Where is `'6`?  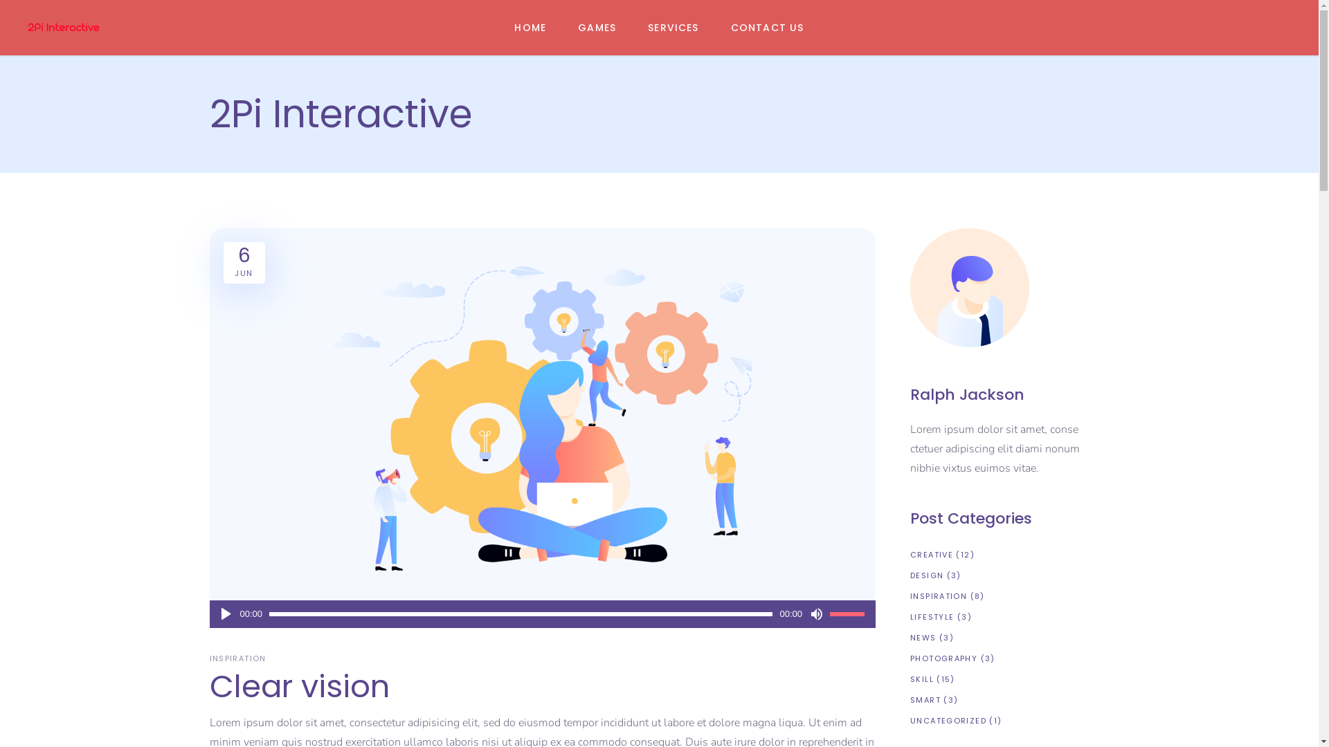
'6 is located at coordinates (243, 259).